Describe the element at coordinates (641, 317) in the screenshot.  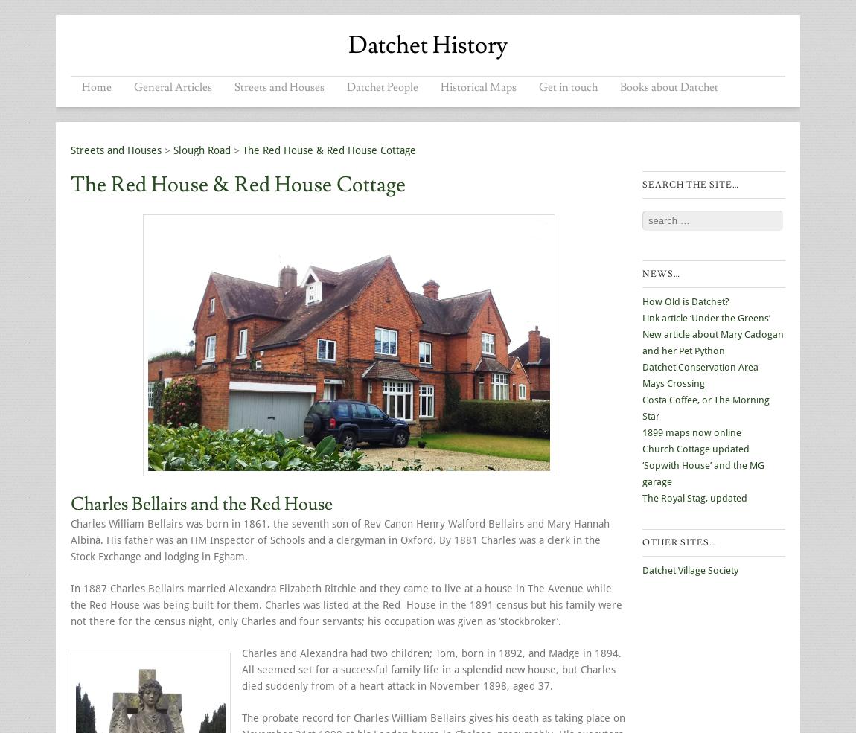
I see `'Link article ‘Under the Greens’'` at that location.